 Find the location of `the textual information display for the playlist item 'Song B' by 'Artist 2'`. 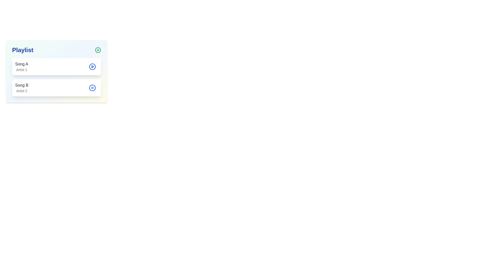

the textual information display for the playlist item 'Song B' by 'Artist 2' is located at coordinates (21, 87).